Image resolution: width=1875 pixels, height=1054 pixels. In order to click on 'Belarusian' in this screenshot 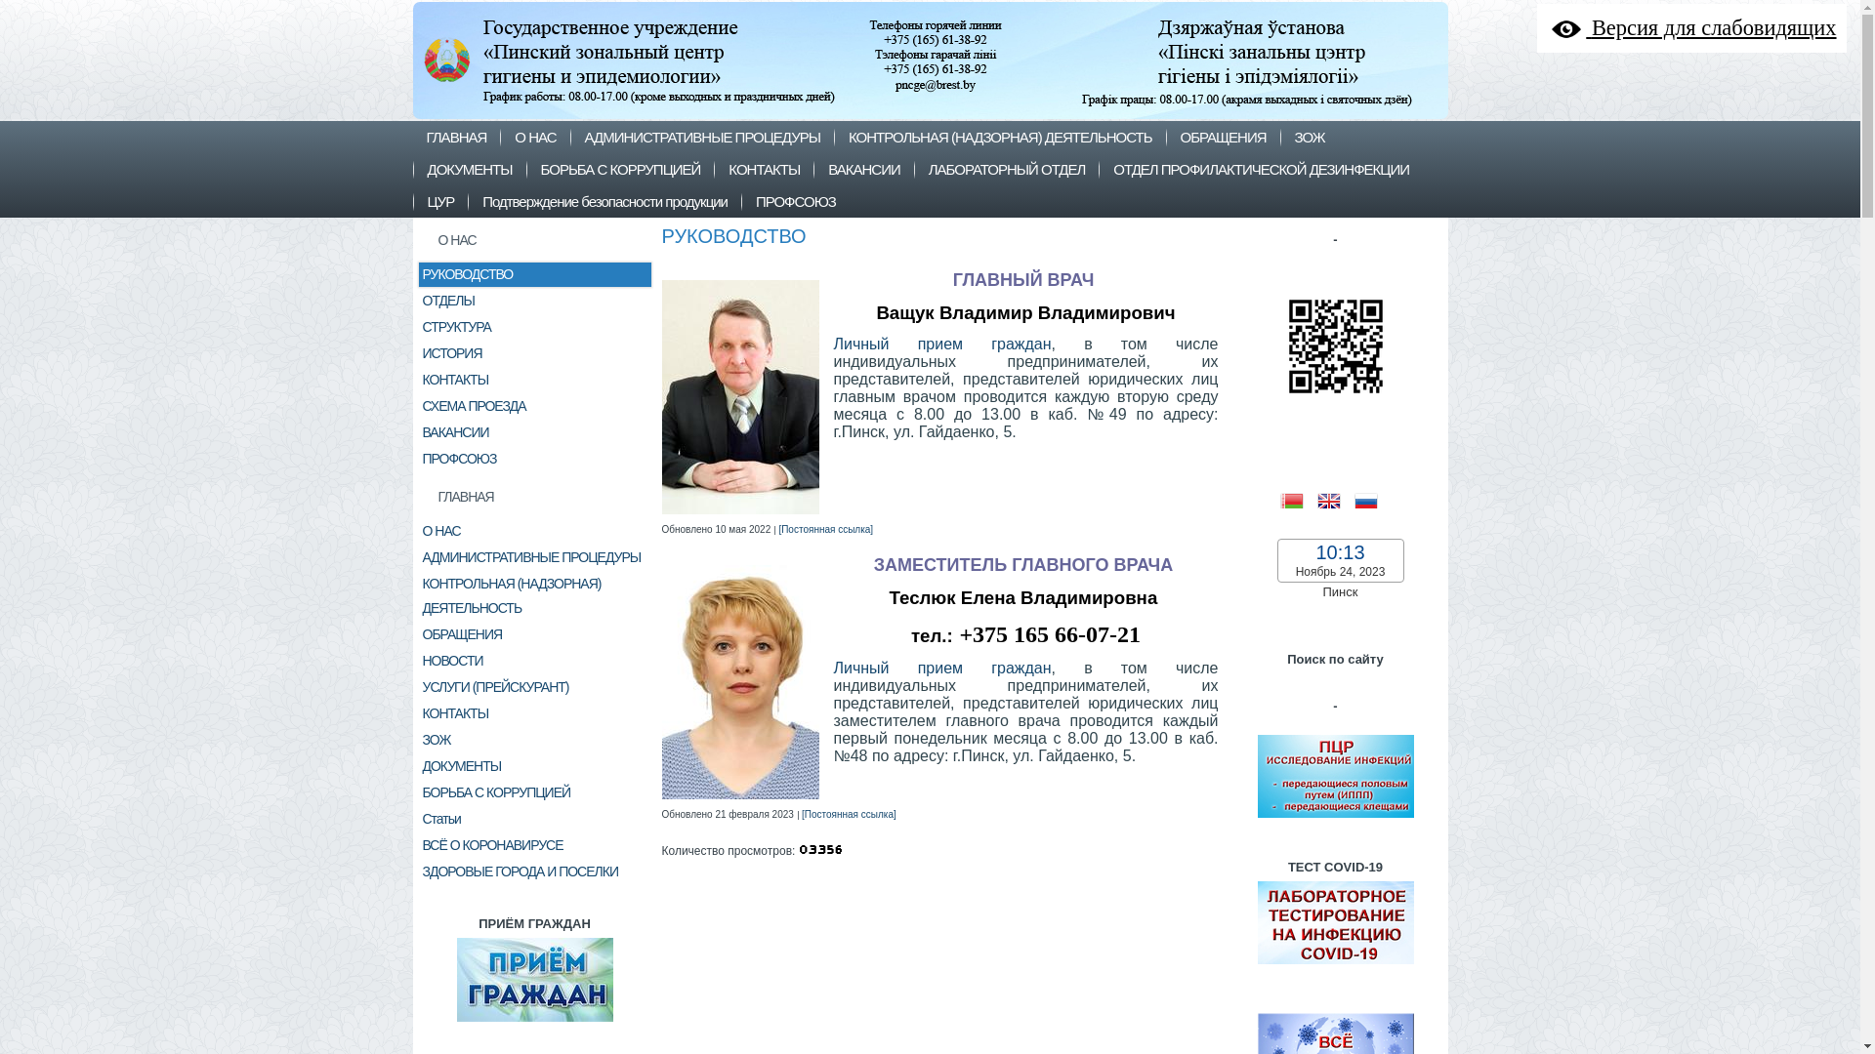, I will do `click(1298, 498)`.